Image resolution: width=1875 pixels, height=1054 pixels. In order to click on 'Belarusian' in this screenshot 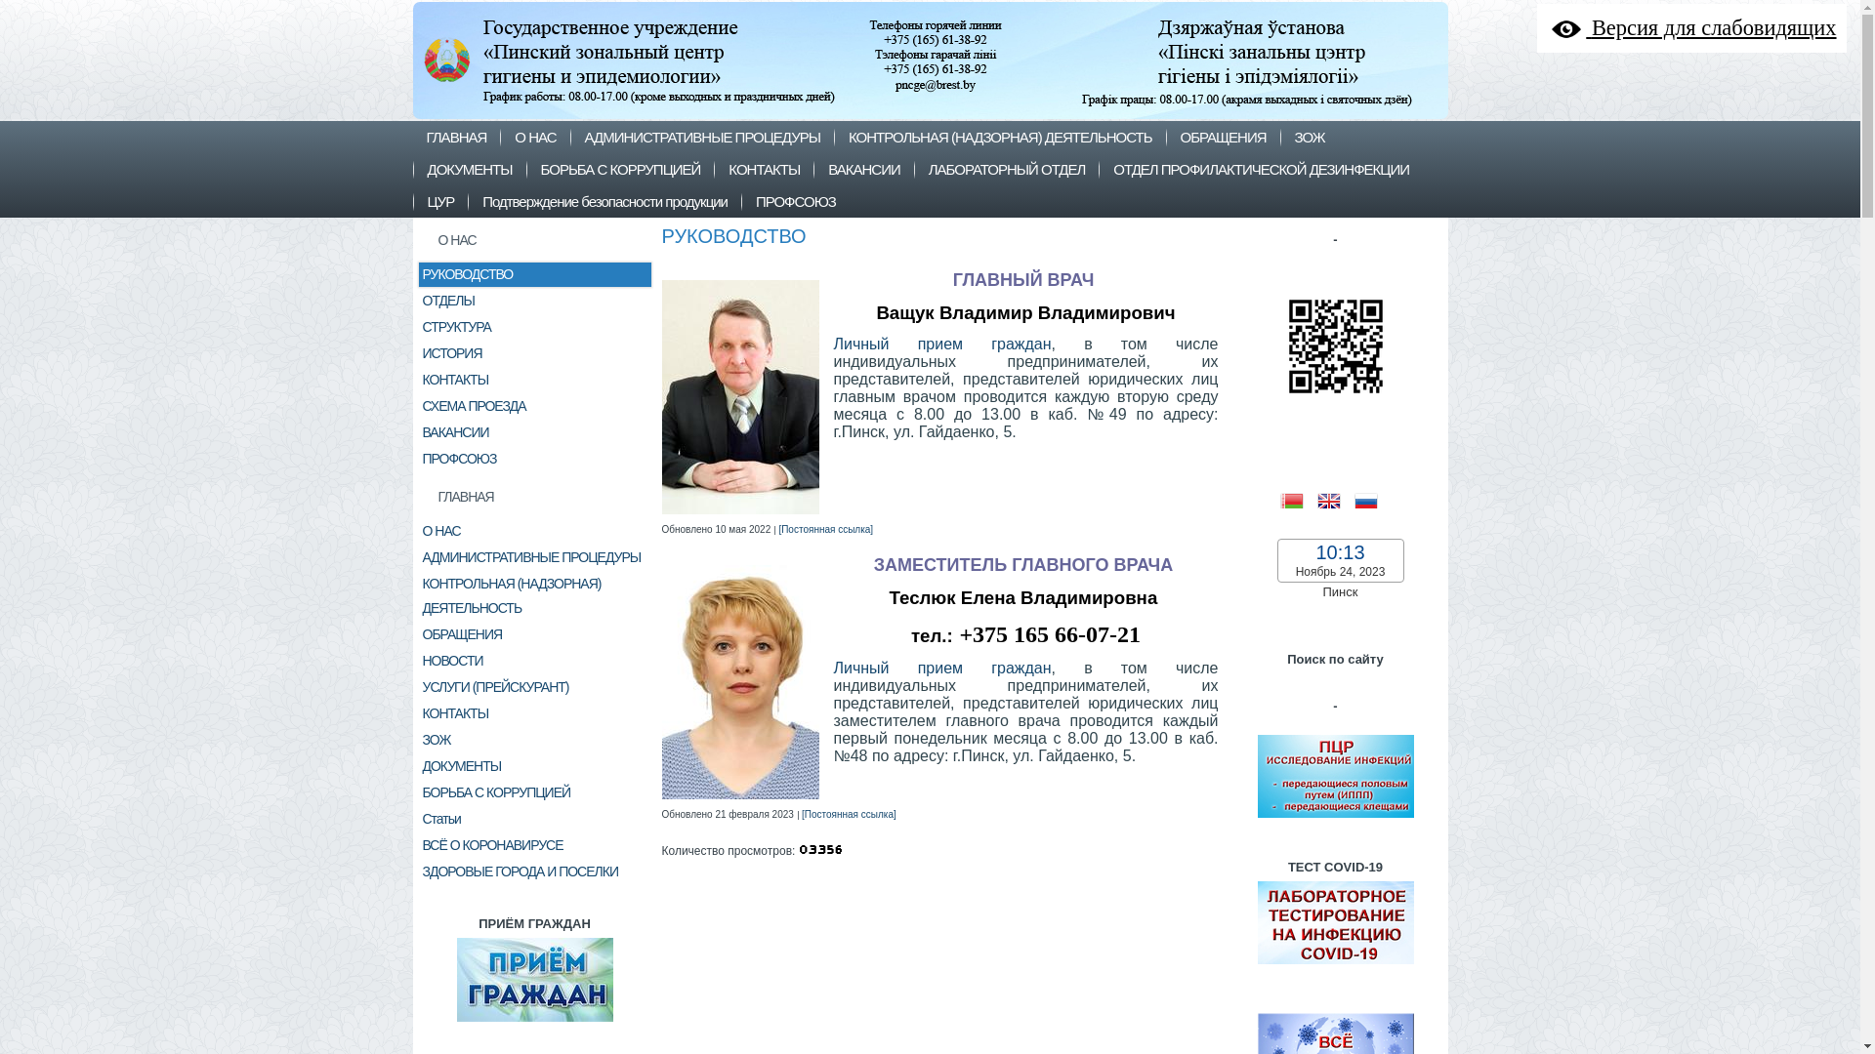, I will do `click(1298, 498)`.